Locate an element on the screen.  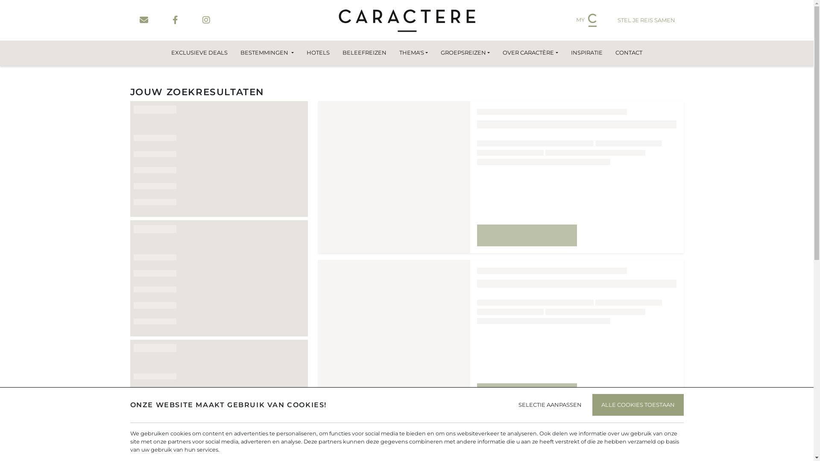
'INSPIRATIE' is located at coordinates (564, 53).